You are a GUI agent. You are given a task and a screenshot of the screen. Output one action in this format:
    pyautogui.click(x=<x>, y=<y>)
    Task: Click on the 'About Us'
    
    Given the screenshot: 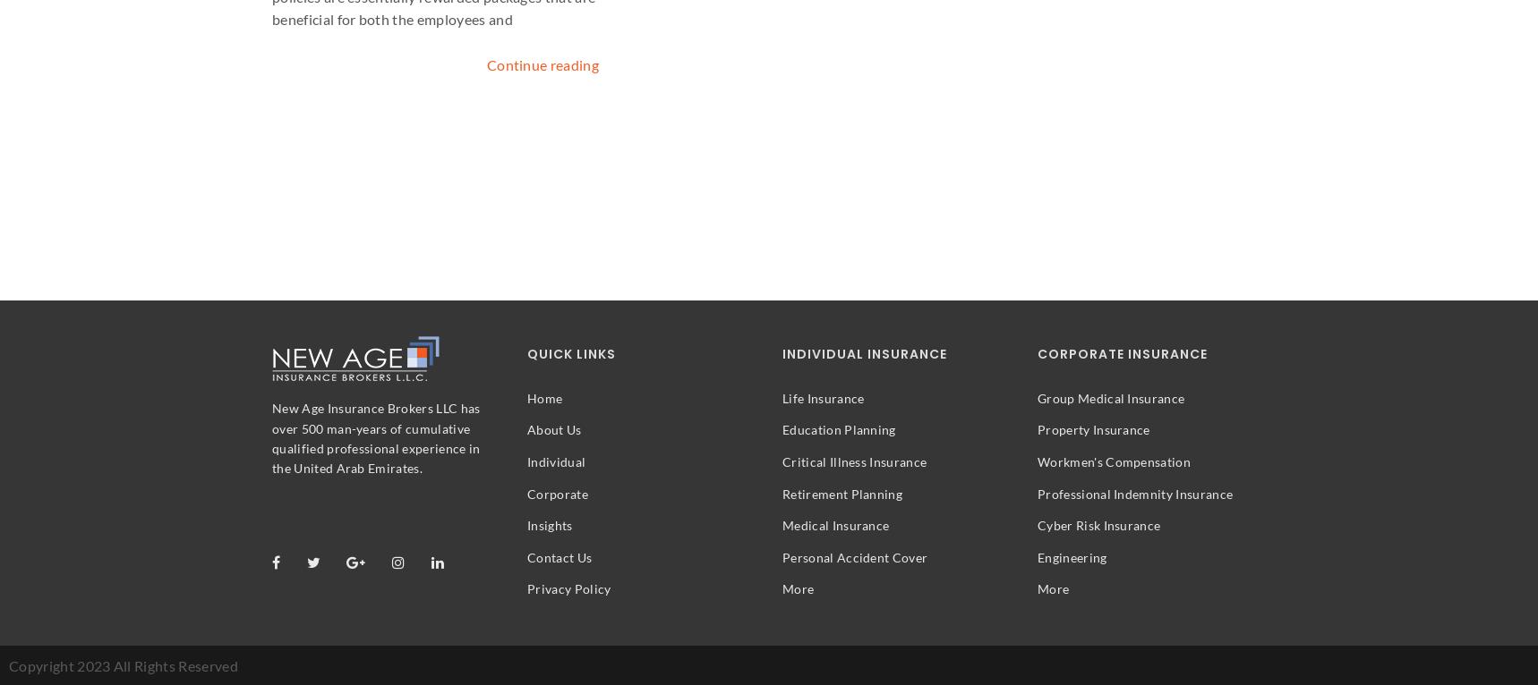 What is the action you would take?
    pyautogui.click(x=525, y=428)
    